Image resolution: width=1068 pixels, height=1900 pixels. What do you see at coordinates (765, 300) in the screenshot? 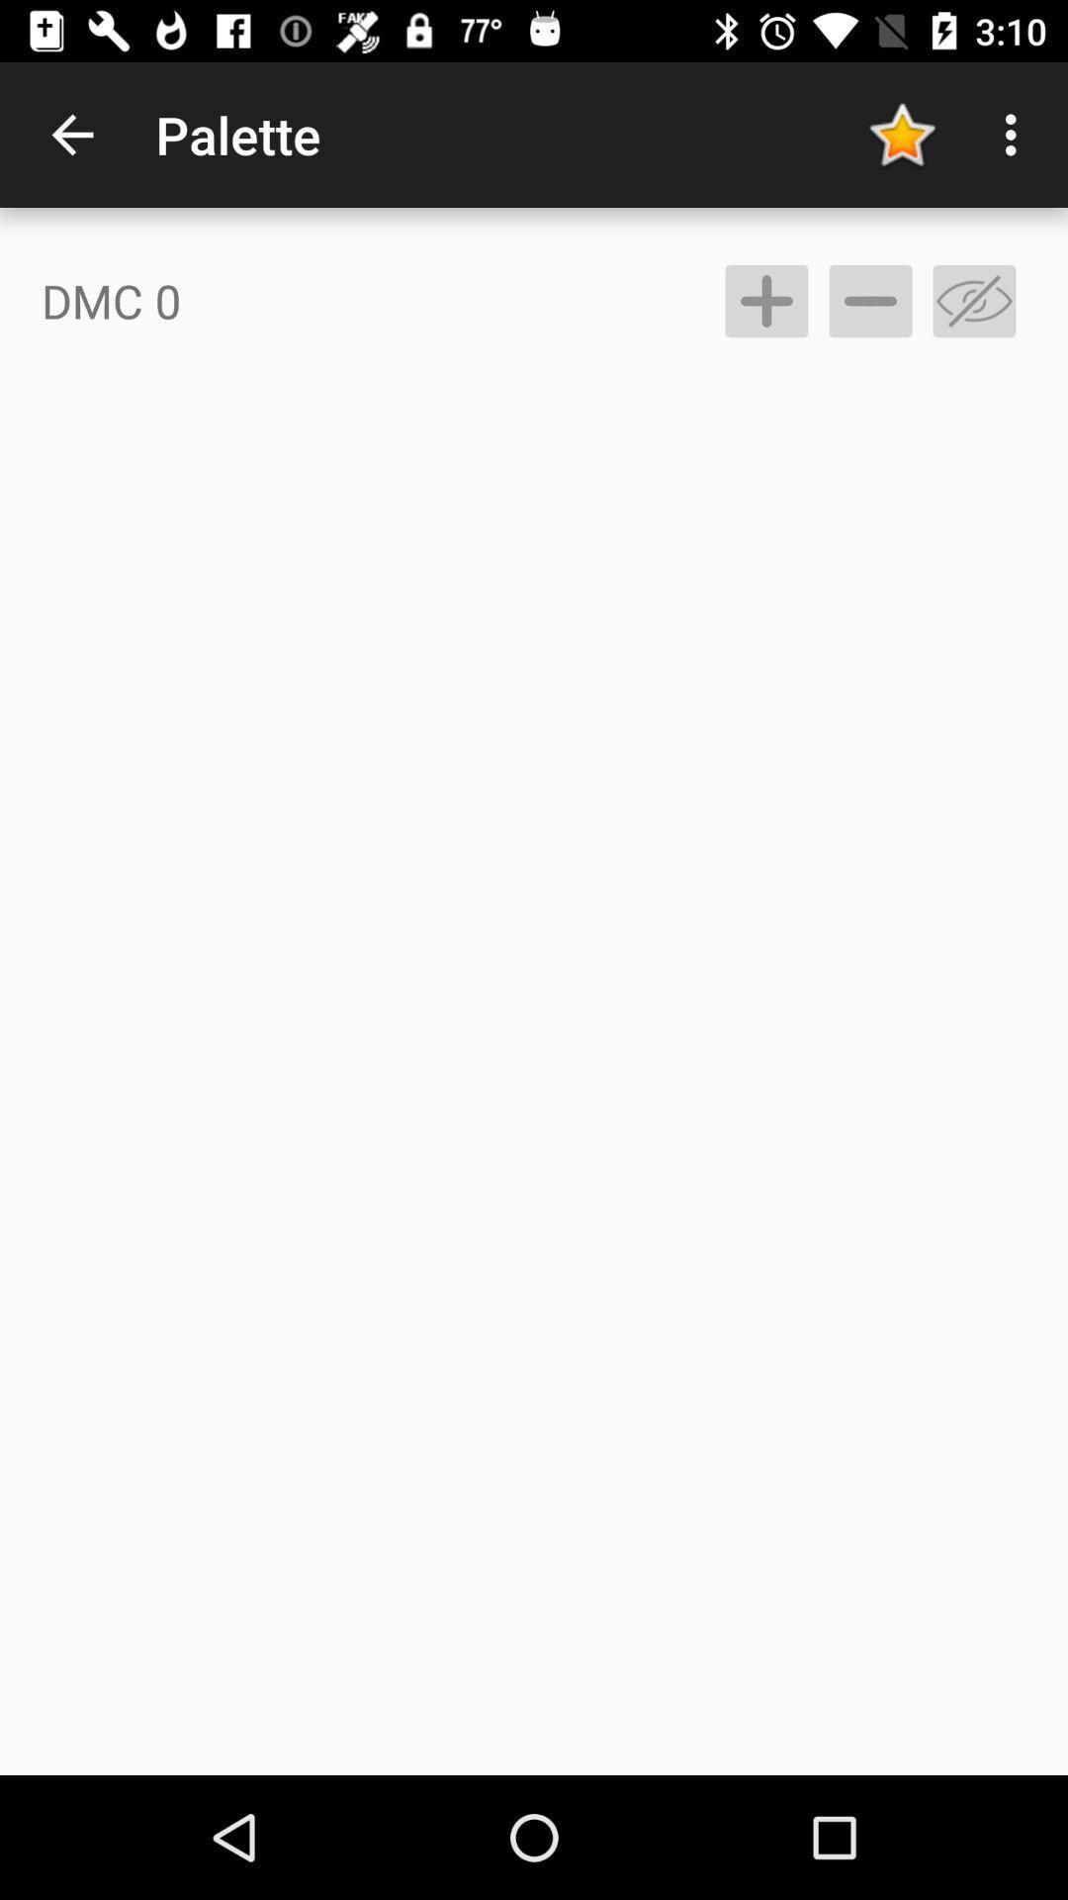
I see `item to the right of dmc 0 icon` at bounding box center [765, 300].